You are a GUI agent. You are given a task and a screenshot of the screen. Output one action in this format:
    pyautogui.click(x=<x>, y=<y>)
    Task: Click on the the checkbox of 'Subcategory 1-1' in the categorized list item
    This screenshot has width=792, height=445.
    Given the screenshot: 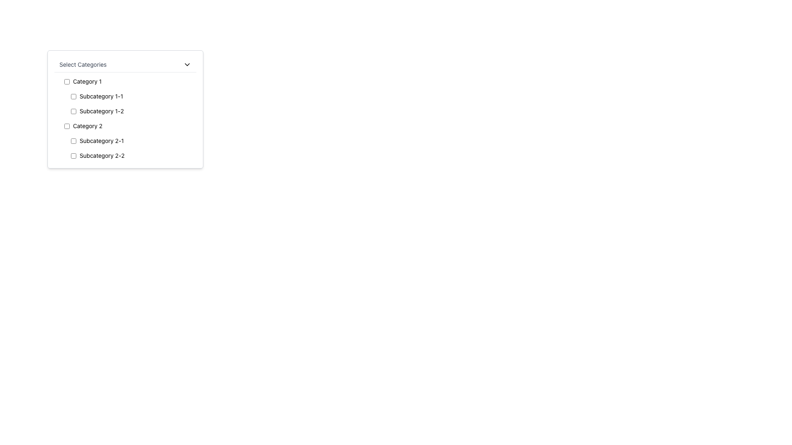 What is the action you would take?
    pyautogui.click(x=128, y=96)
    